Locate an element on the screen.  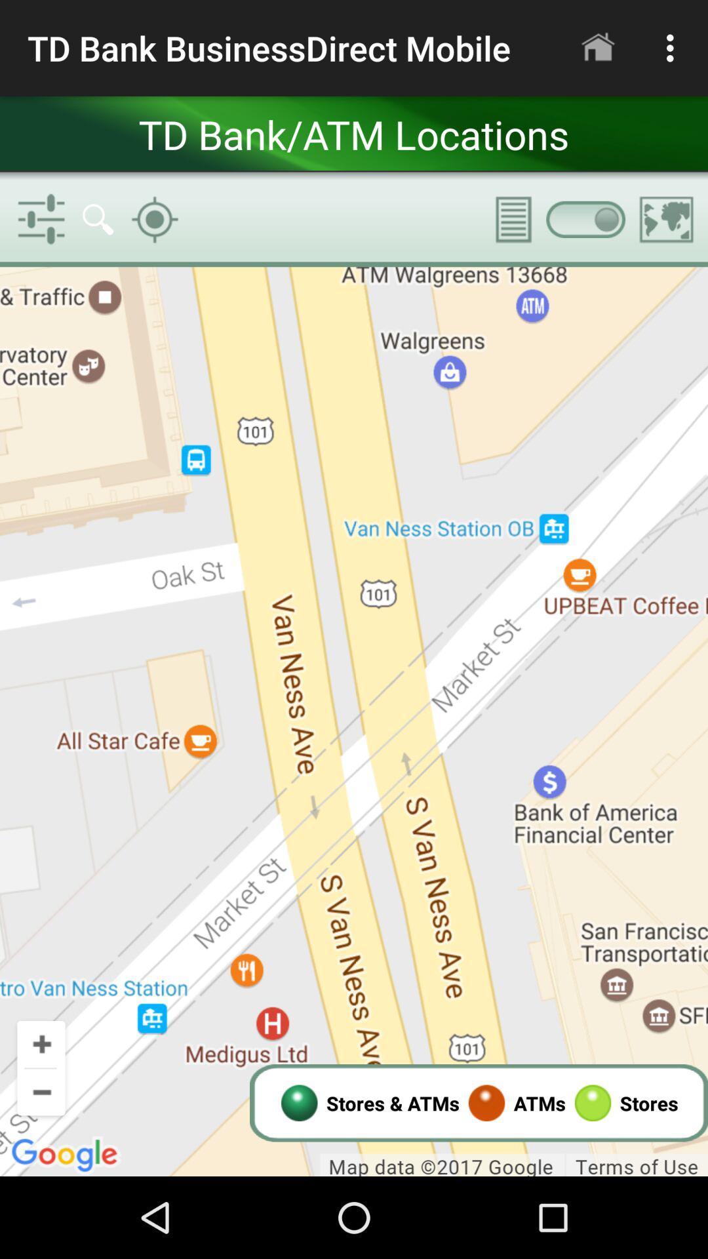
the sliders icon is located at coordinates (40, 219).